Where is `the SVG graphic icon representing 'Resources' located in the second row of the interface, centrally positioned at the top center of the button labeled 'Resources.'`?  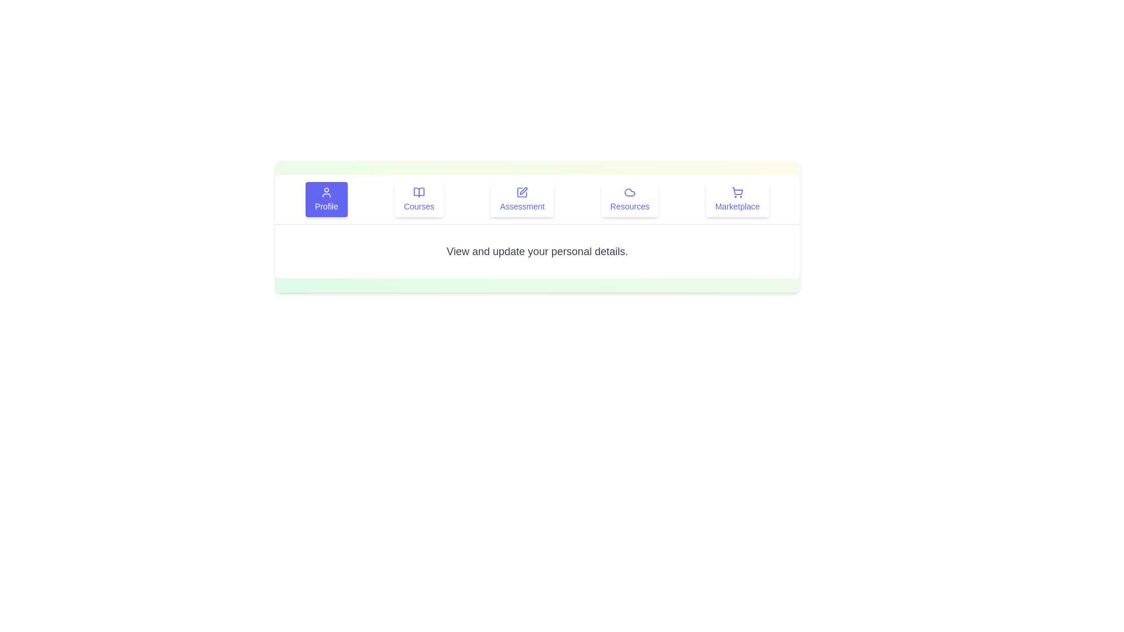
the SVG graphic icon representing 'Resources' located in the second row of the interface, centrally positioned at the top center of the button labeled 'Resources.' is located at coordinates (629, 191).